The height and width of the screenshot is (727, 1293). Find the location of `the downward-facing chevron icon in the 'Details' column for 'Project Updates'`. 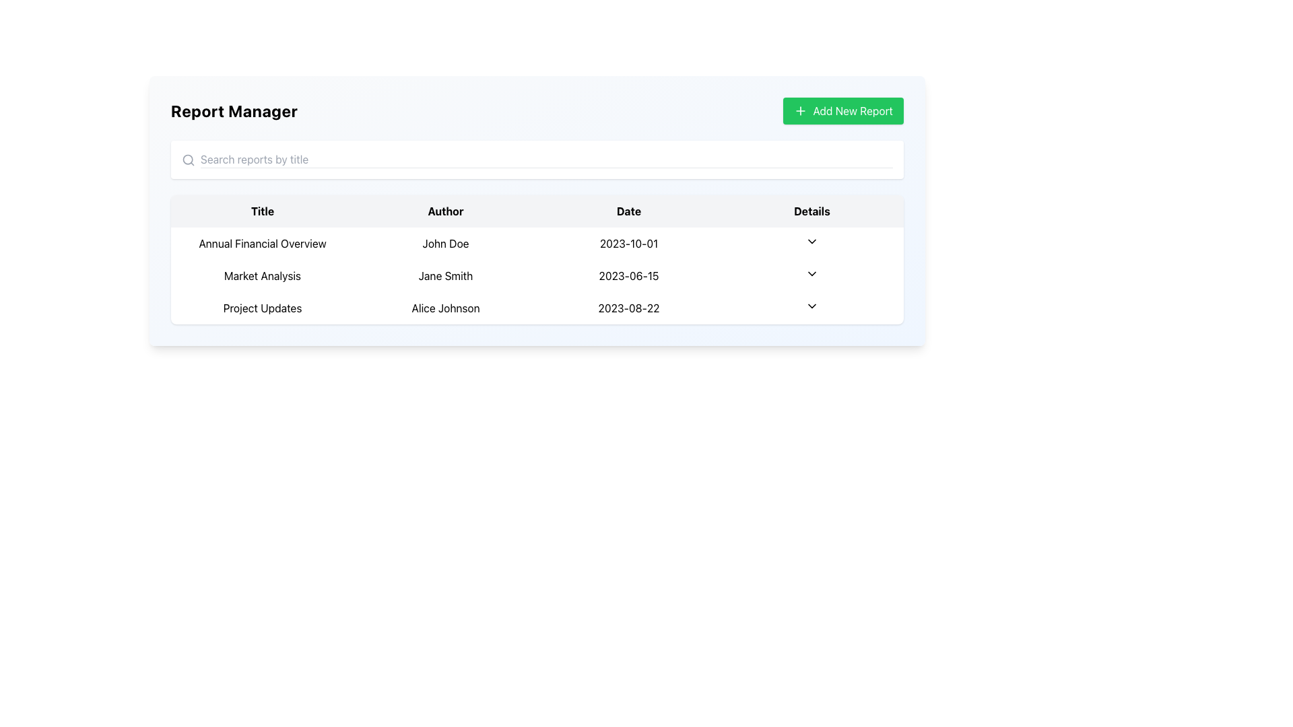

the downward-facing chevron icon in the 'Details' column for 'Project Updates' is located at coordinates (811, 306).